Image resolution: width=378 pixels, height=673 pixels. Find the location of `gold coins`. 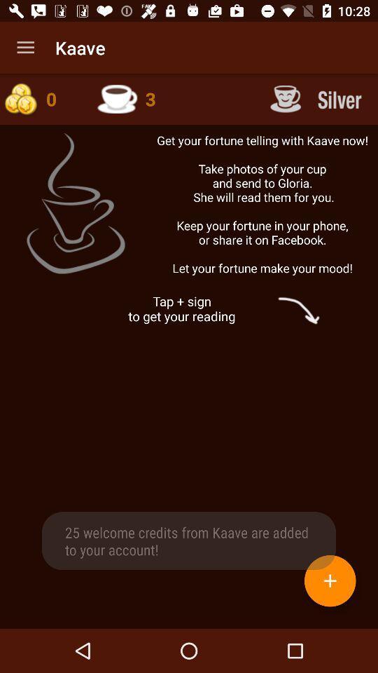

gold coins is located at coordinates (41, 98).